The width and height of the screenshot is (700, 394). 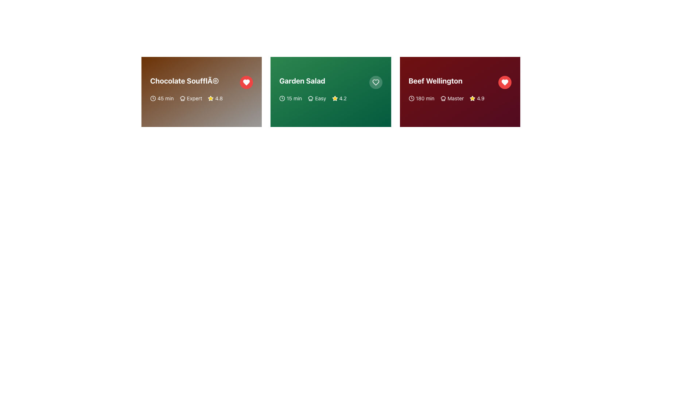 What do you see at coordinates (505, 82) in the screenshot?
I see `the heart-shaped 'like' button located at the top right corner of the 'Beef Wellington' card` at bounding box center [505, 82].